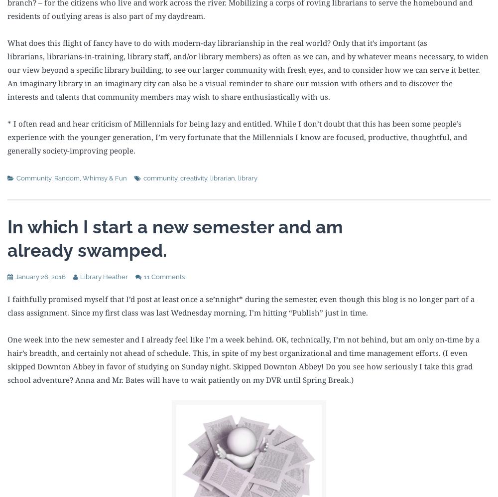  I want to click on 'Random', so click(67, 177).